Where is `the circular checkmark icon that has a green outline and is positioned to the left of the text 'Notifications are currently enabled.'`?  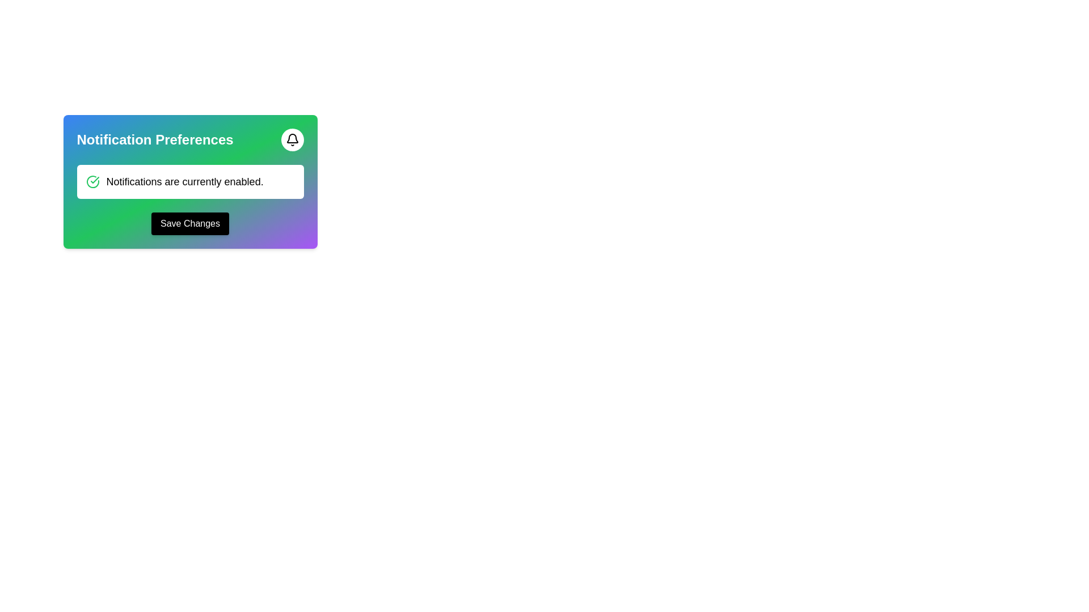 the circular checkmark icon that has a green outline and is positioned to the left of the text 'Notifications are currently enabled.' is located at coordinates (92, 181).